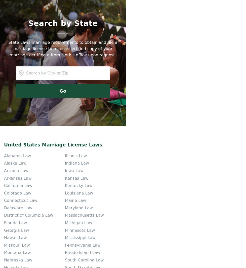 The height and width of the screenshot is (268, 246). Describe the element at coordinates (82, 245) in the screenshot. I see `'Pennsylvania Law'` at that location.